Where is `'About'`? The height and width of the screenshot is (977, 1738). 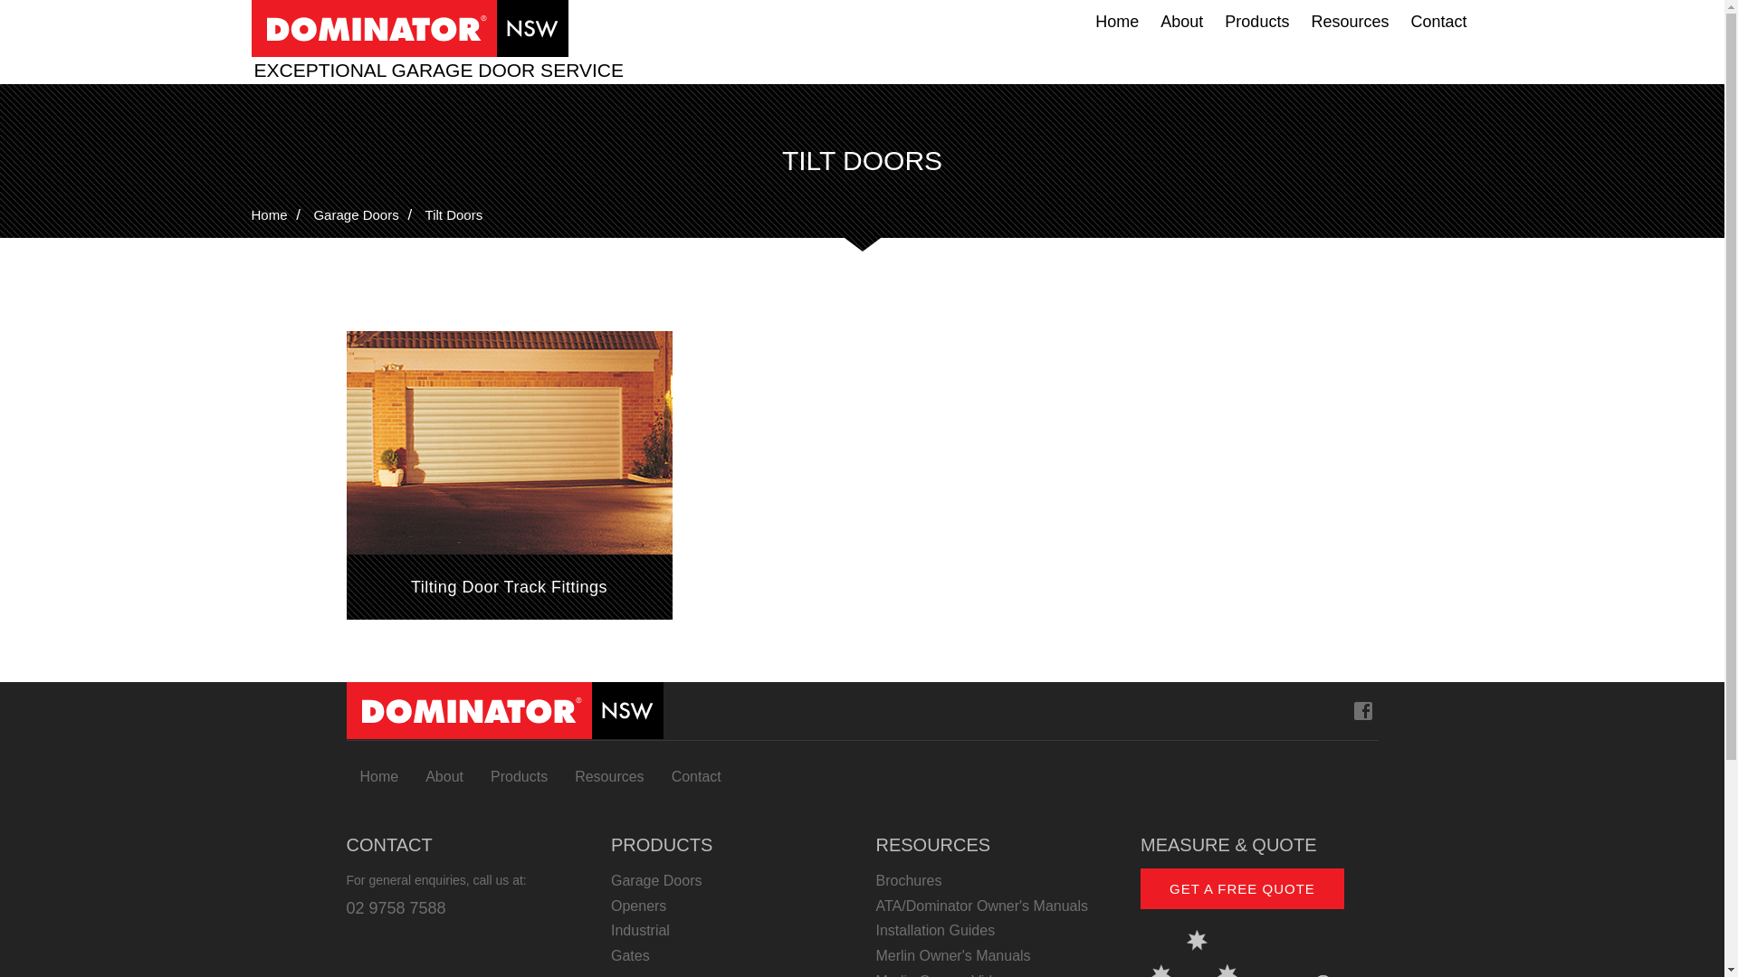
'About' is located at coordinates (1181, 21).